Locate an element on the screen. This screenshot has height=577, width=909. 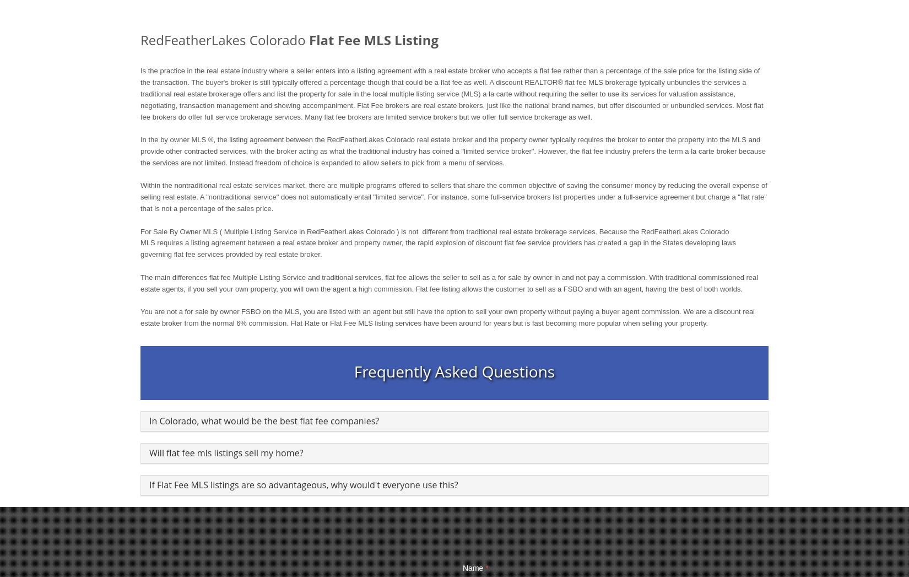
'Within the nontraditional real estate services market, there are multiple programs offered to sellers that share the common objective of saving the consumer money by reducing the overall expense of selling real estate. A "nontraditional service" does not automatically entail "limited service". For instance, some full-service brokers list properties under a full-service agreement but charge a "flat rate" that is not a percentage of the sales price.' is located at coordinates (453, 197).